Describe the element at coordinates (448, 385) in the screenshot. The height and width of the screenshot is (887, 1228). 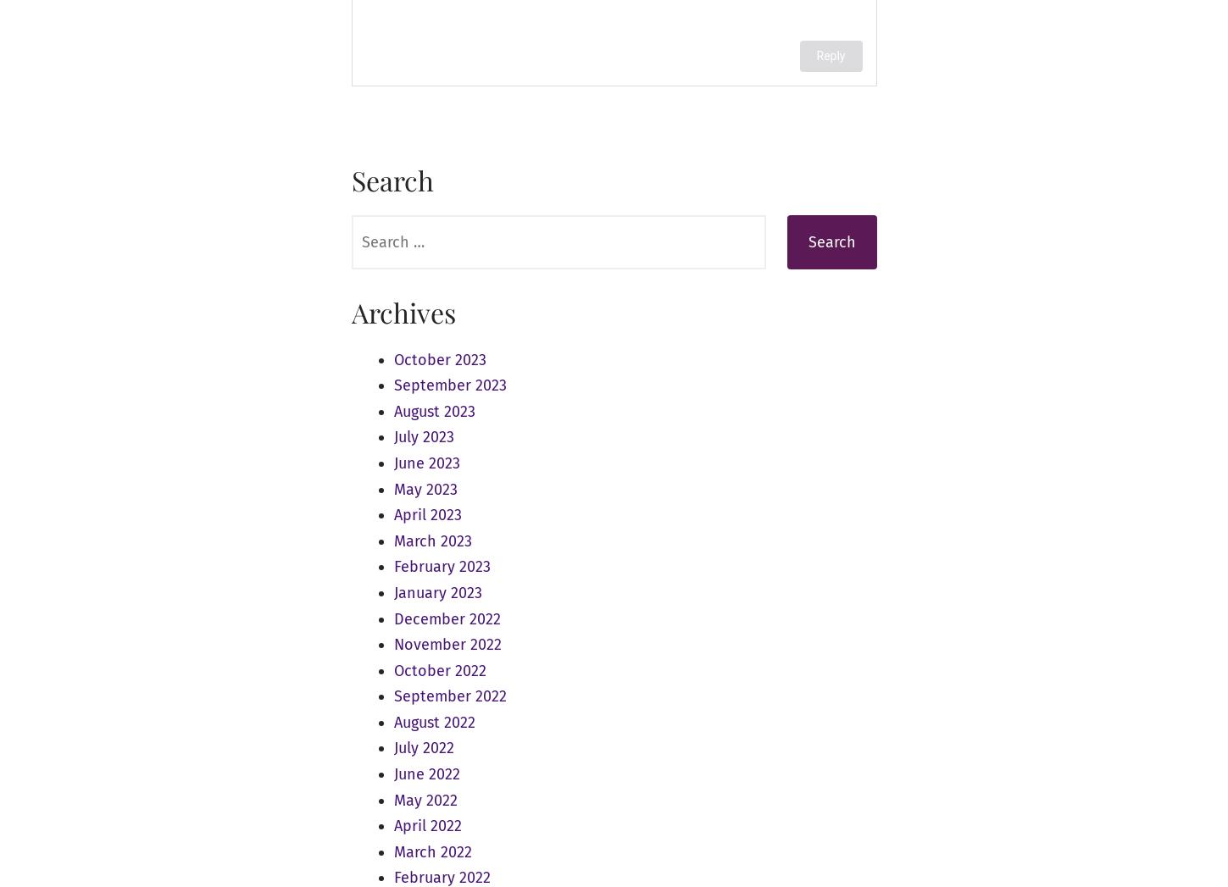
I see `'September 2023'` at that location.